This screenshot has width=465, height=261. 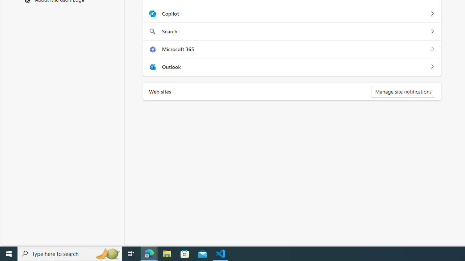 I want to click on 'Manage site notifications', so click(x=403, y=91).